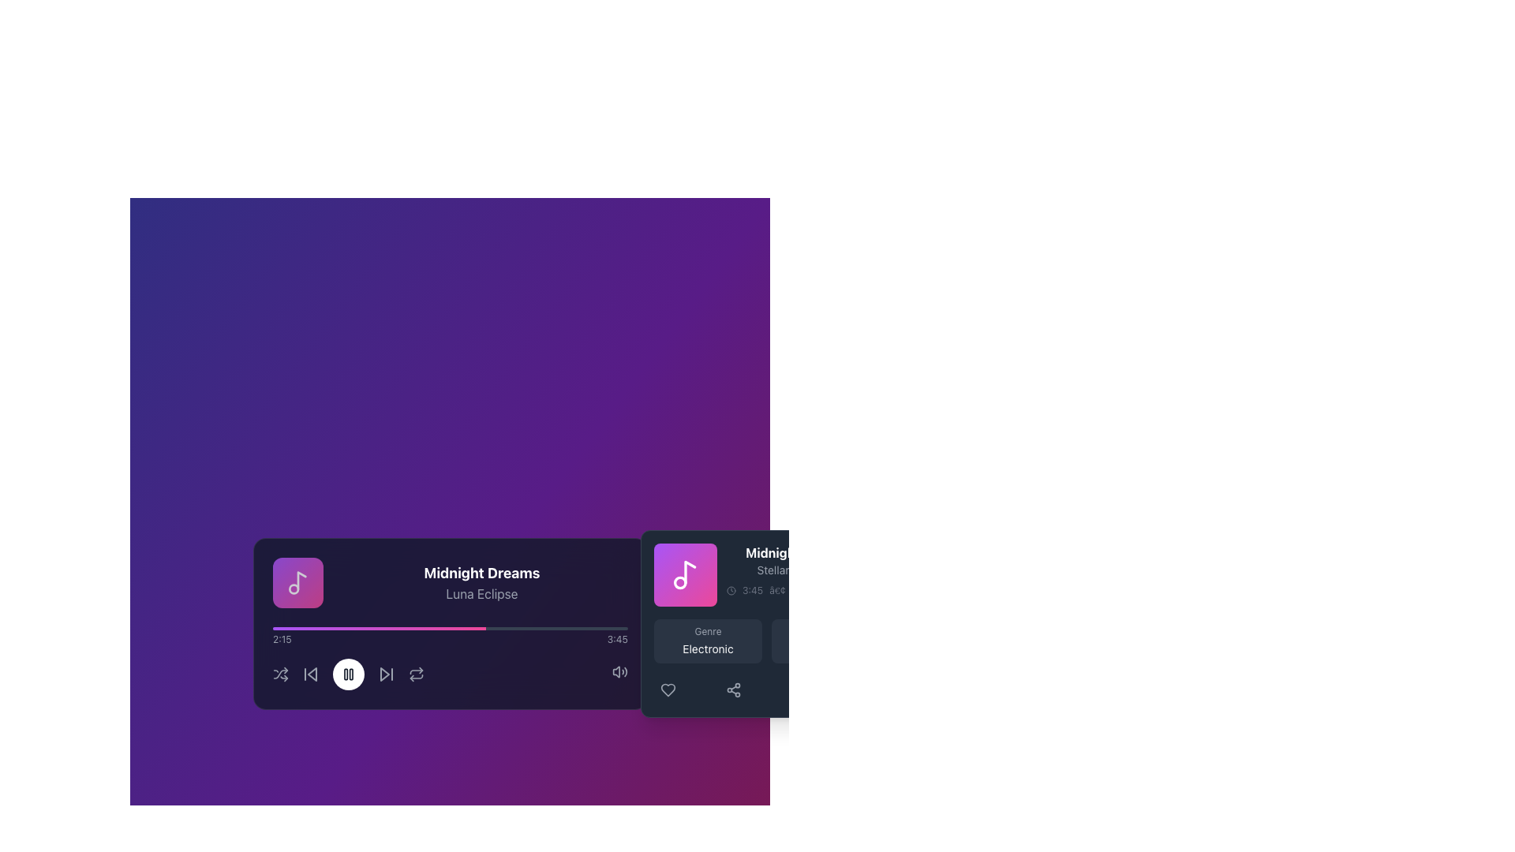 Image resolution: width=1515 pixels, height=852 pixels. I want to click on the progress of the progress bar located in the music player interface, which is horizontally aligned above the playback controls and beneath the title and subtitle of the currently playing track, so click(449, 628).